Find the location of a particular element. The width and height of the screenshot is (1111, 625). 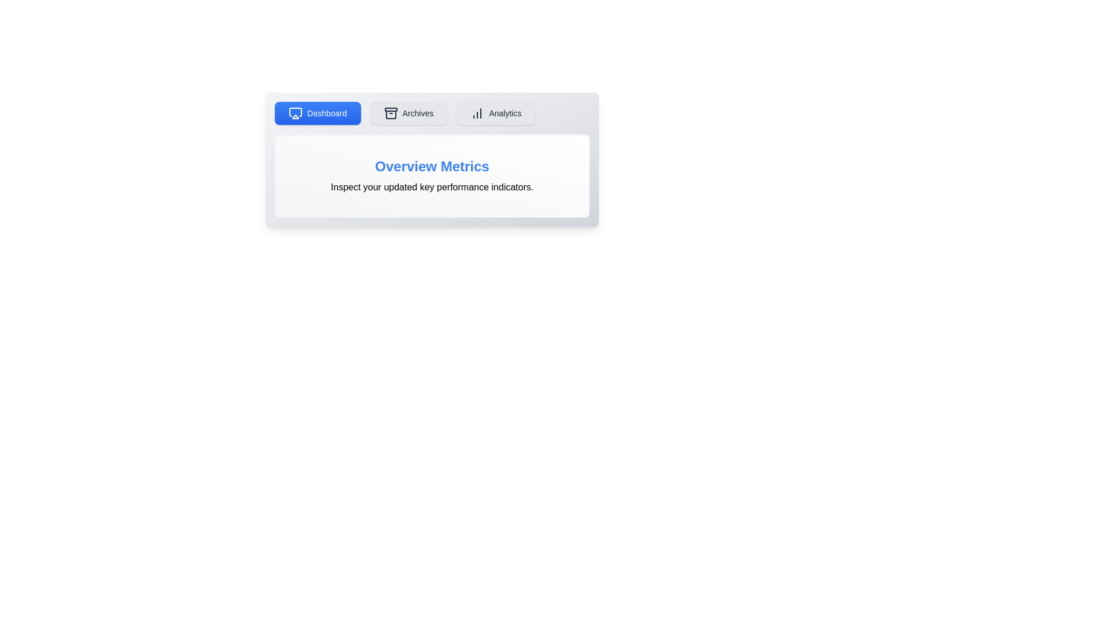

the button labeled Analytics to observe its hover effect is located at coordinates (496, 113).